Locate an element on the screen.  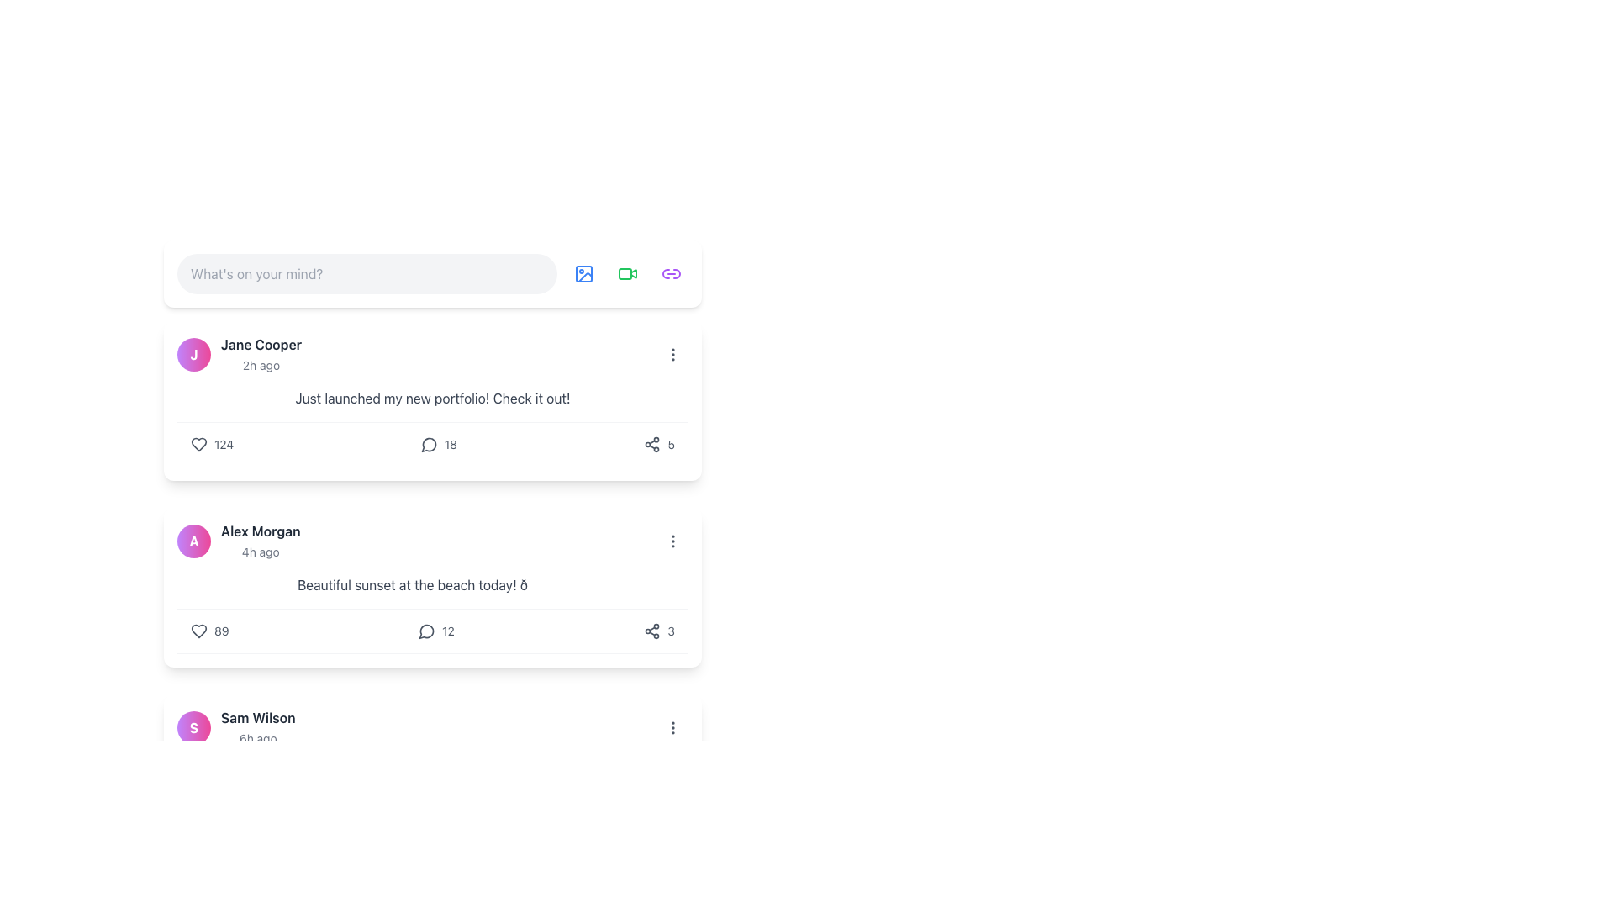
the speech bubble icon located at the bottom section of the post block, which is part of a row of functional icons is located at coordinates (429, 444).